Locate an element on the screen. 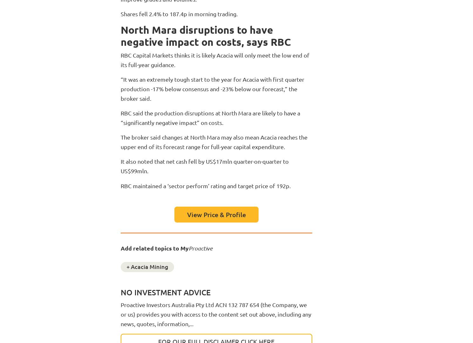 The width and height of the screenshot is (473, 343). 'RBC said the production disruptions at North Mara are likely to have a “significantly negative impact” on costs.' is located at coordinates (210, 118).